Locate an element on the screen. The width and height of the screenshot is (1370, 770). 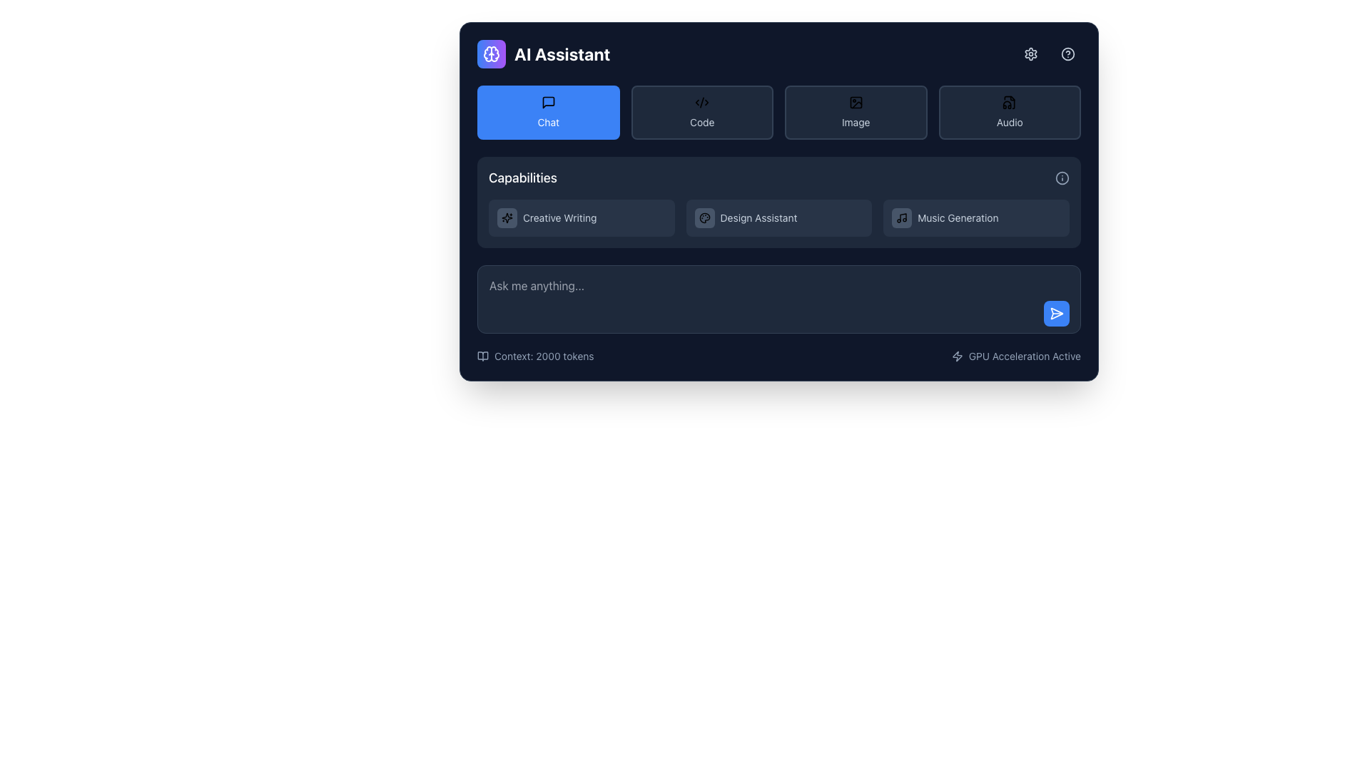
the text label describing 'Creative Writing', which is positioned centrally within a card-like component, serving to clarify the purpose of the adjacent icon or button is located at coordinates (559, 217).